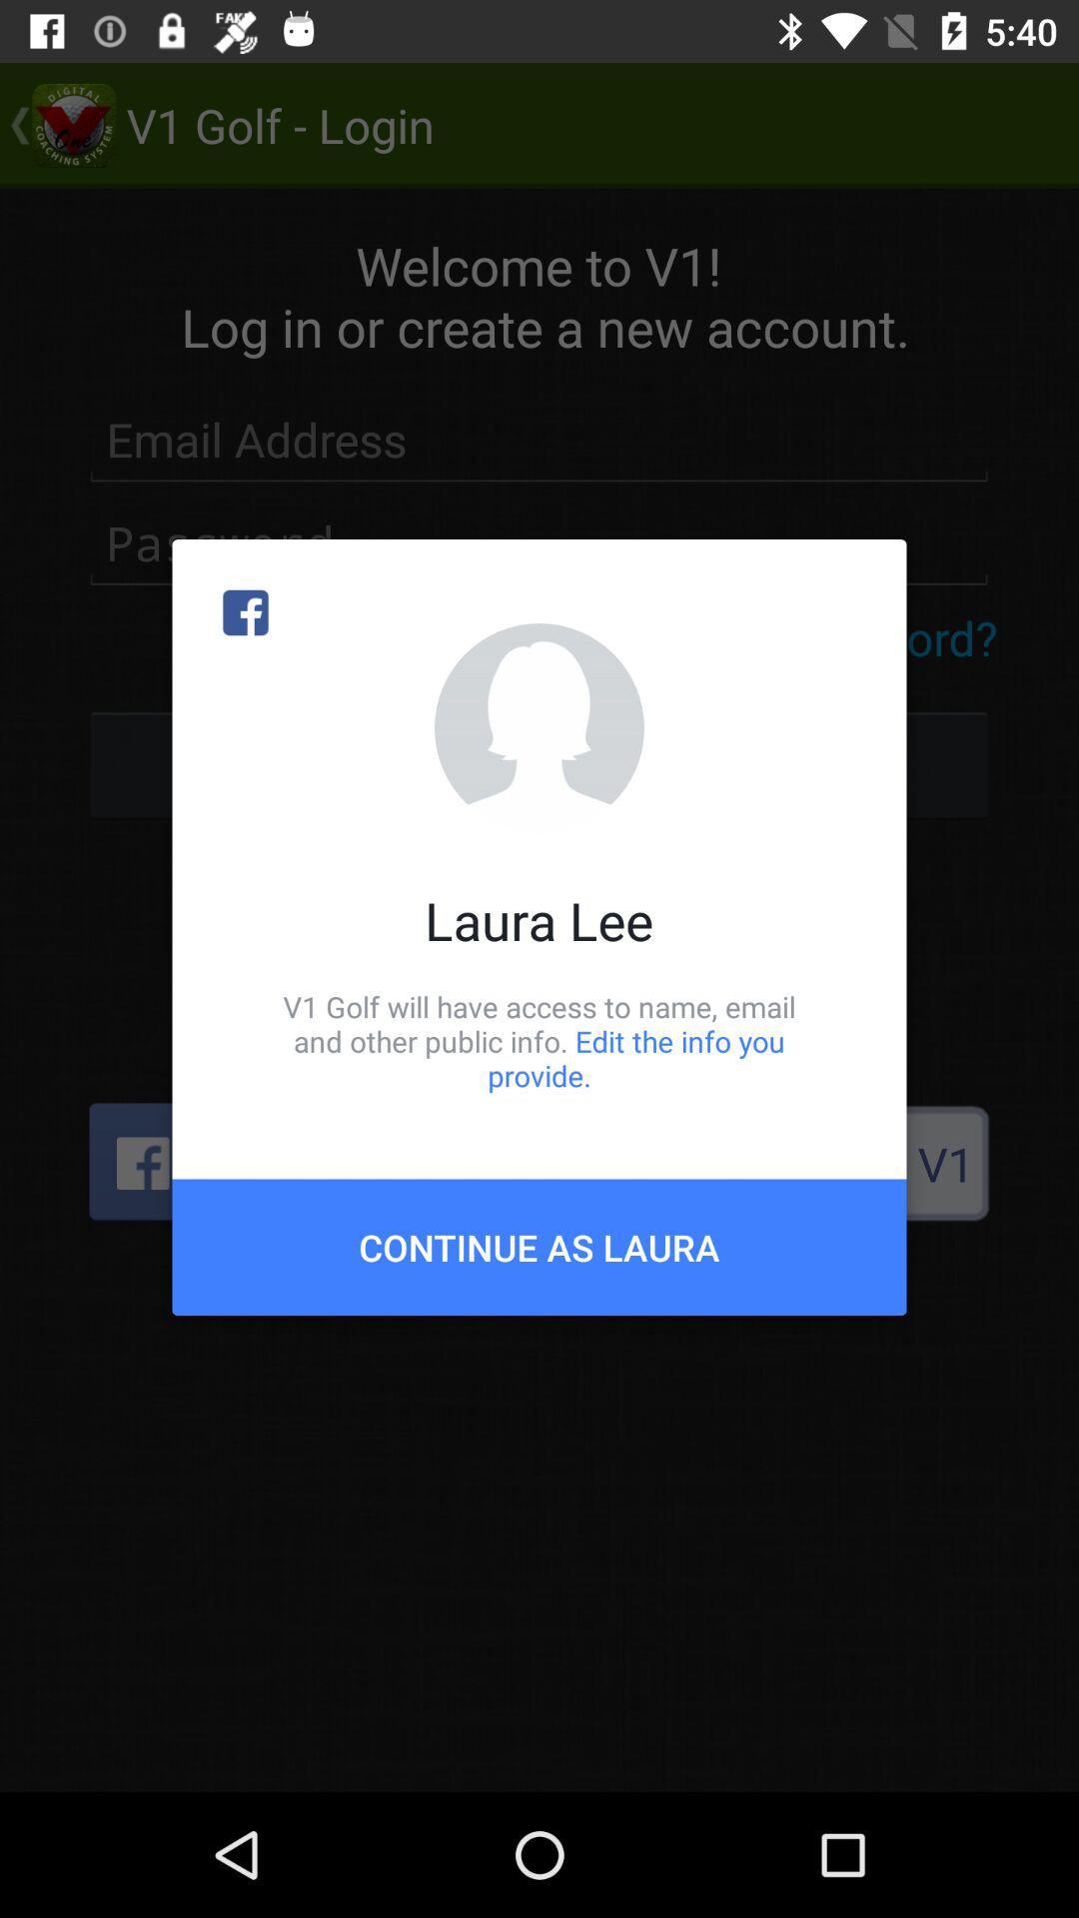 The height and width of the screenshot is (1918, 1079). I want to click on the icon below the v1 golf will item, so click(539, 1246).